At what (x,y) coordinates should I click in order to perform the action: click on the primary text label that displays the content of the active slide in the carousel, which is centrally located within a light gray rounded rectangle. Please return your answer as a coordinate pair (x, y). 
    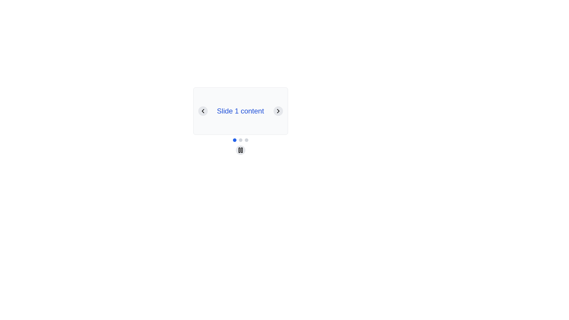
    Looking at the image, I should click on (240, 111).